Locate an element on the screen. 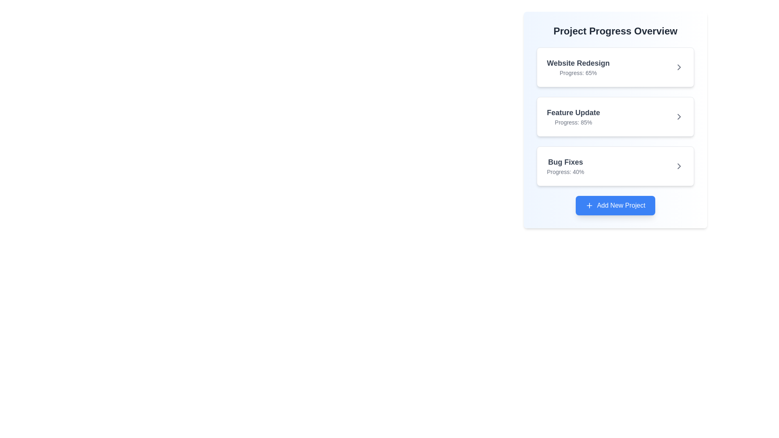  the list item titled 'Website Redesign' with a progress indicator of 65% is located at coordinates (615, 67).